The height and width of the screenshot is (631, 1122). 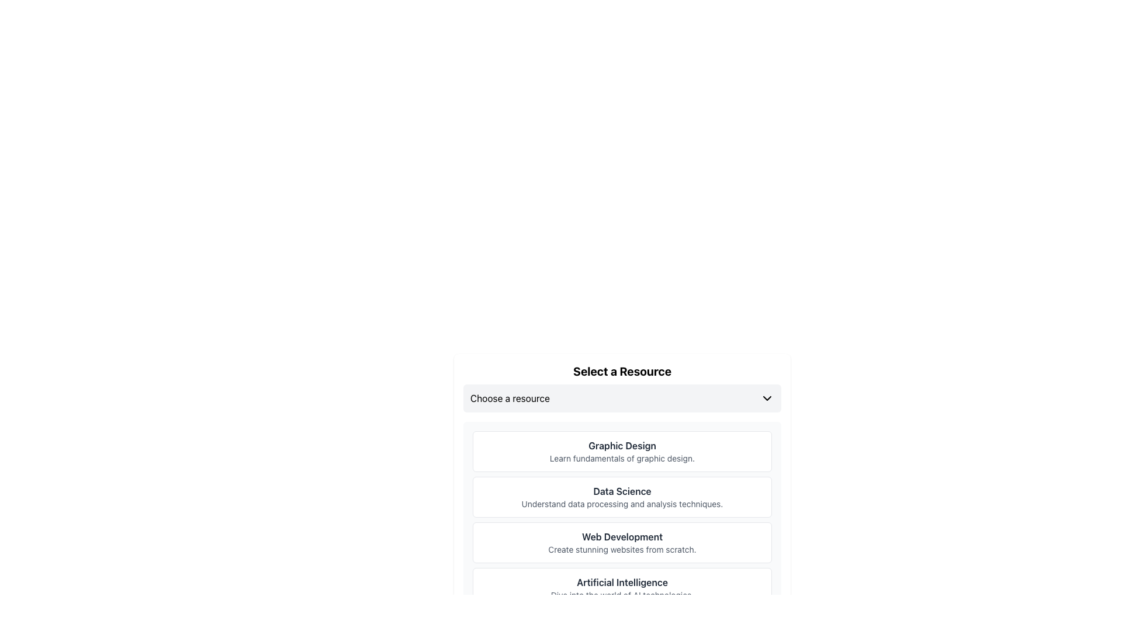 What do you see at coordinates (622, 582) in the screenshot?
I see `the bold text element reading 'Artificial Intelligence', which is the title of the fourth entry in the selectable options list` at bounding box center [622, 582].